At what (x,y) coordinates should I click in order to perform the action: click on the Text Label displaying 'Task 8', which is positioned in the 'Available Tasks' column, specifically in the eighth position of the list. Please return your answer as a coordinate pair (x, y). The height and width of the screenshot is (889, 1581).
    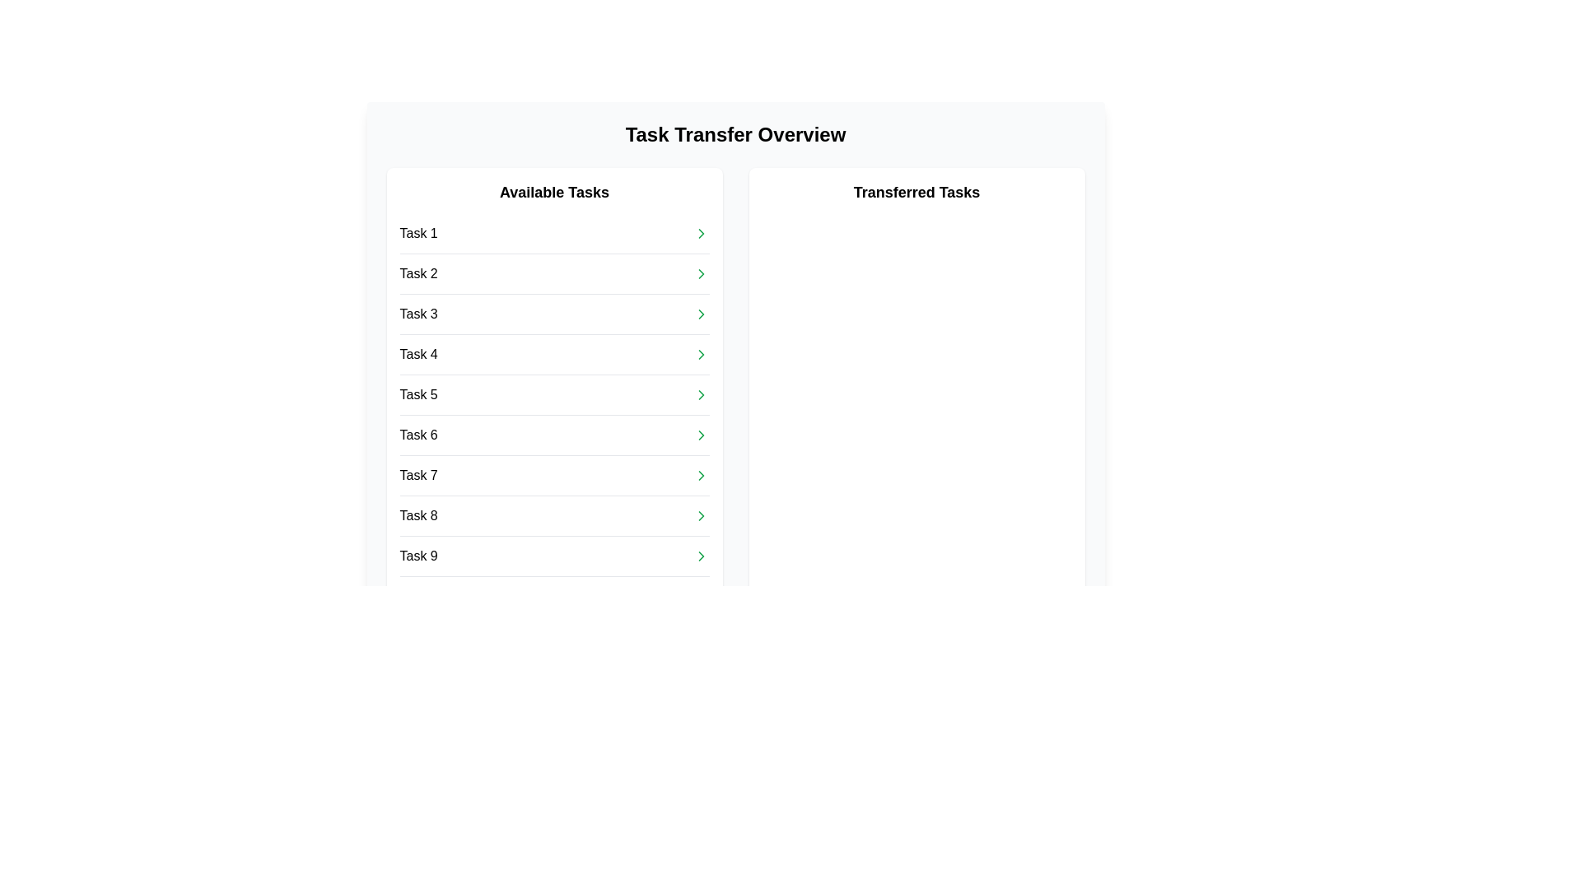
    Looking at the image, I should click on (418, 515).